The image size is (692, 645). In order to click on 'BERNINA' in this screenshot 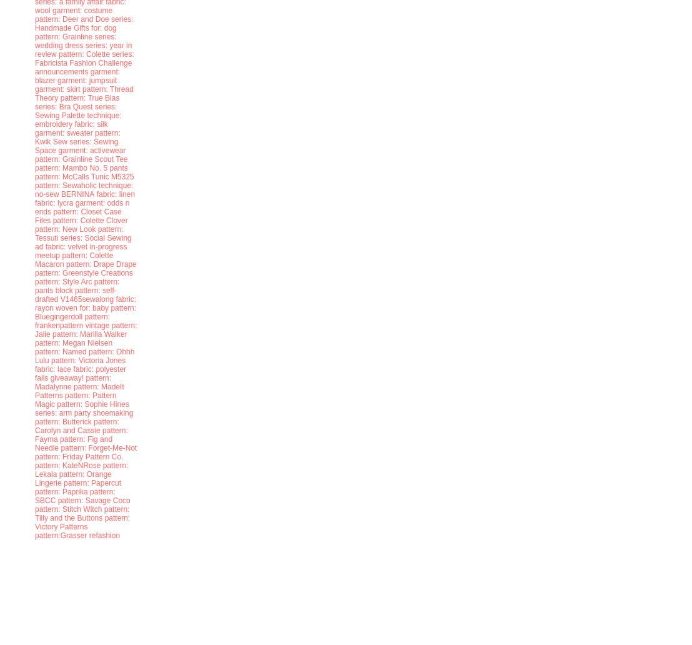, I will do `click(77, 194)`.